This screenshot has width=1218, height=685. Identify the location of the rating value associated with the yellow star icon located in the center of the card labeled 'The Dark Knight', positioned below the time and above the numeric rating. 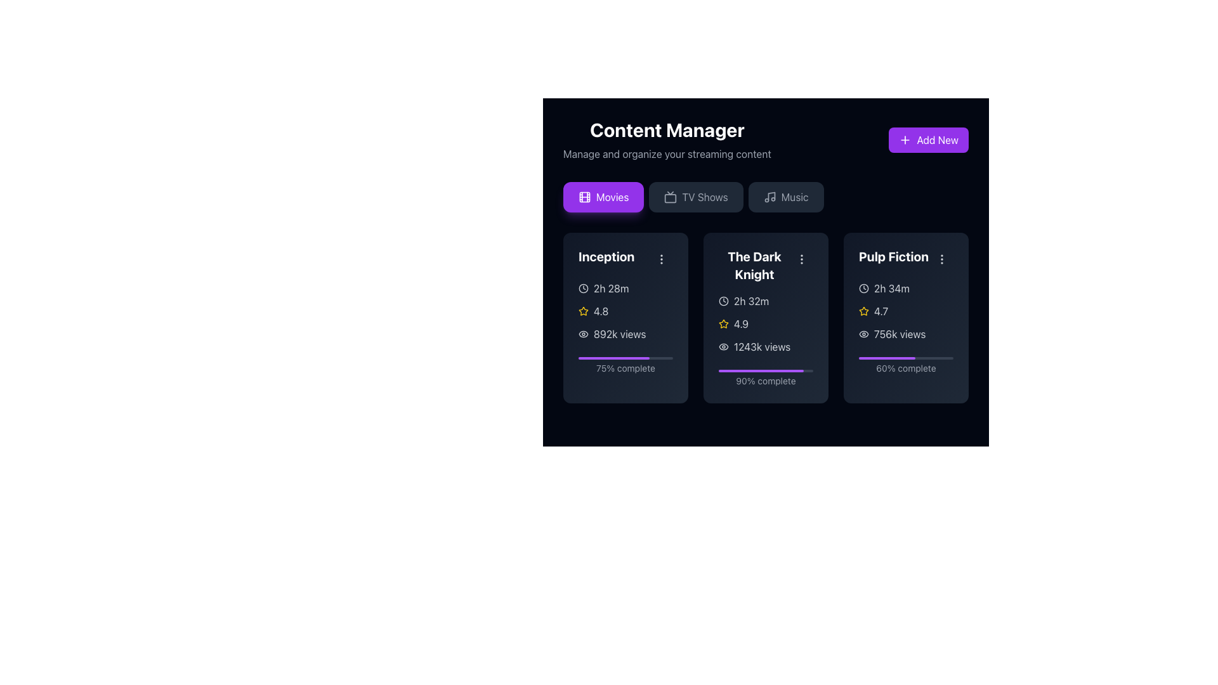
(723, 322).